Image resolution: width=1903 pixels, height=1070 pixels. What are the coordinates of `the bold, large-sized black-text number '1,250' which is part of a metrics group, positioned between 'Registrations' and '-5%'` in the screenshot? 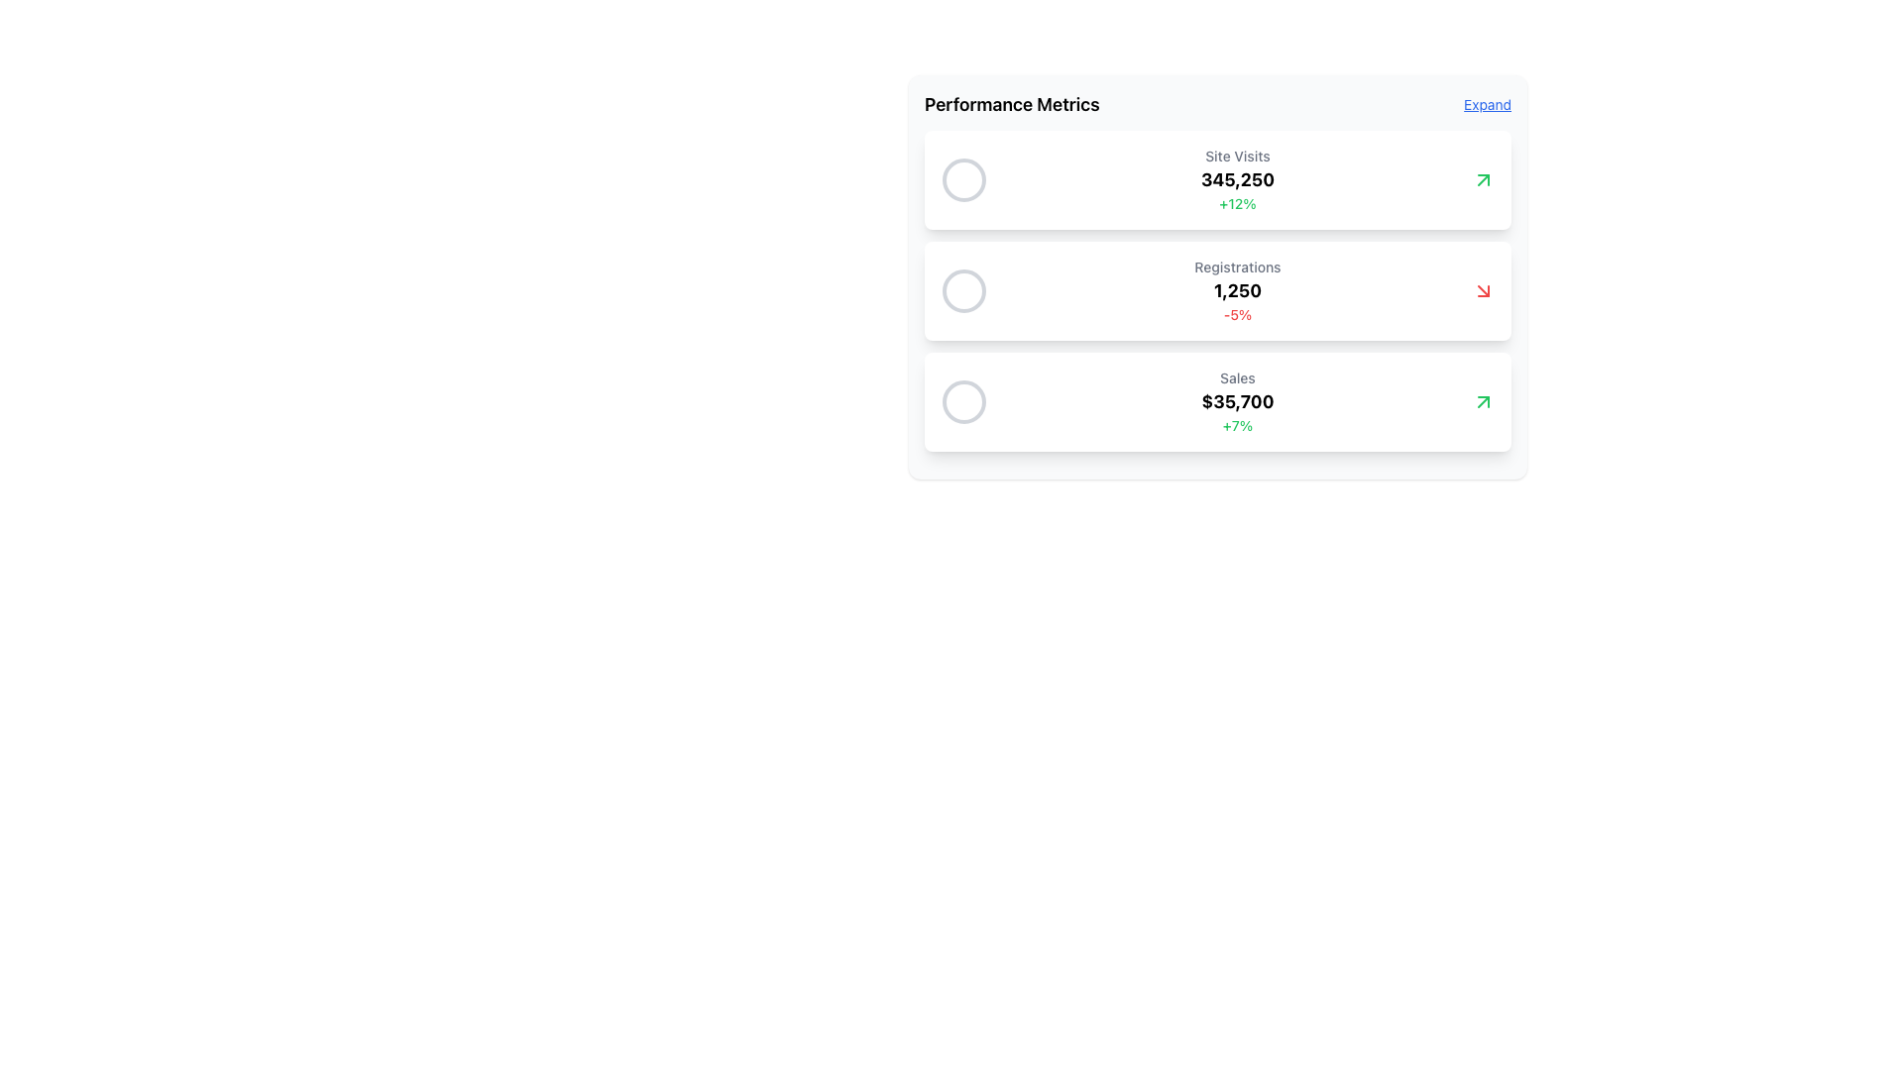 It's located at (1236, 290).